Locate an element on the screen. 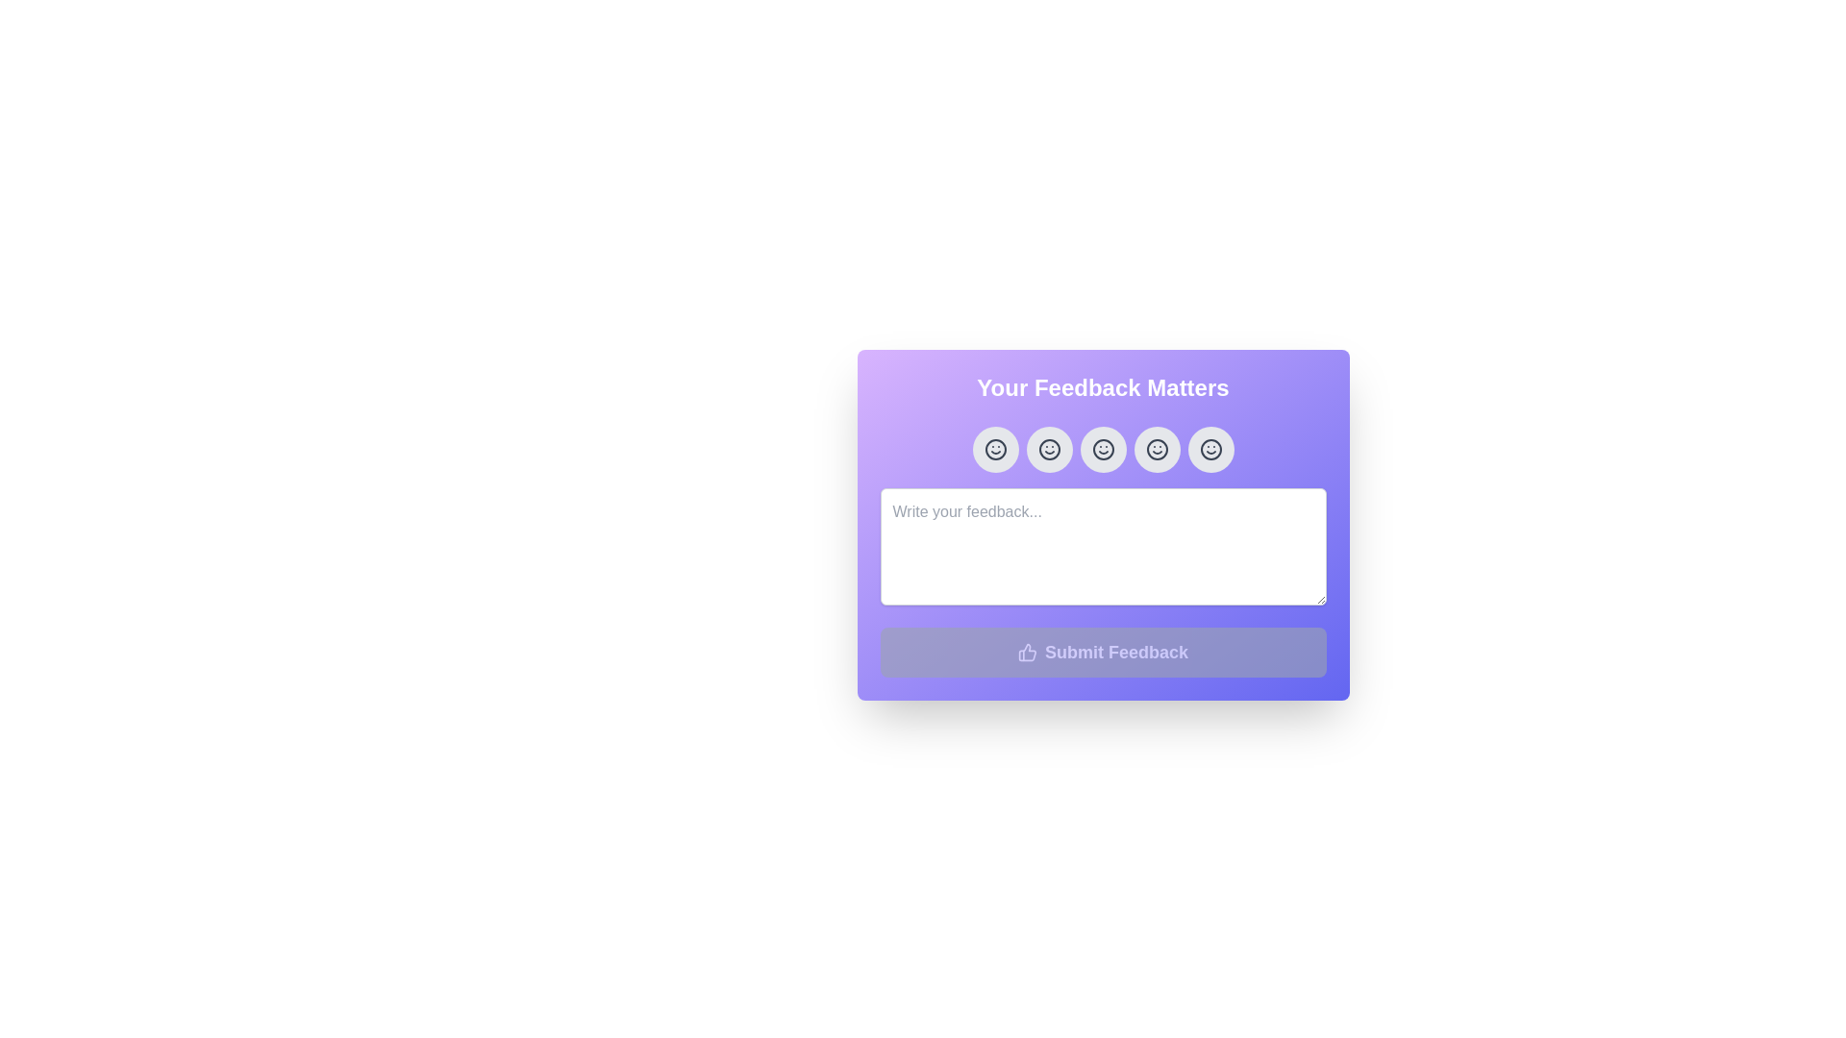 The image size is (1846, 1038). the third circle icon in the feedback interface is located at coordinates (1156, 449).